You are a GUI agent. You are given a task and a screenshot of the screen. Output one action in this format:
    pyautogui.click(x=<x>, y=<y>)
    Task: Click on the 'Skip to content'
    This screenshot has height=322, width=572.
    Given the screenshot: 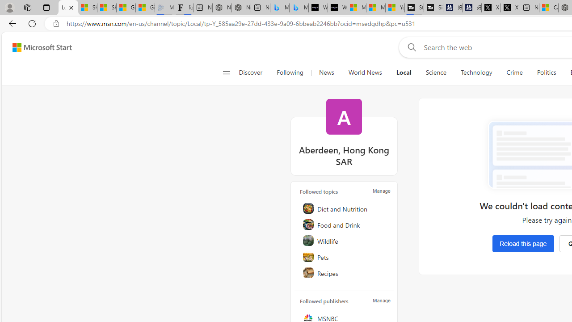 What is the action you would take?
    pyautogui.click(x=38, y=47)
    